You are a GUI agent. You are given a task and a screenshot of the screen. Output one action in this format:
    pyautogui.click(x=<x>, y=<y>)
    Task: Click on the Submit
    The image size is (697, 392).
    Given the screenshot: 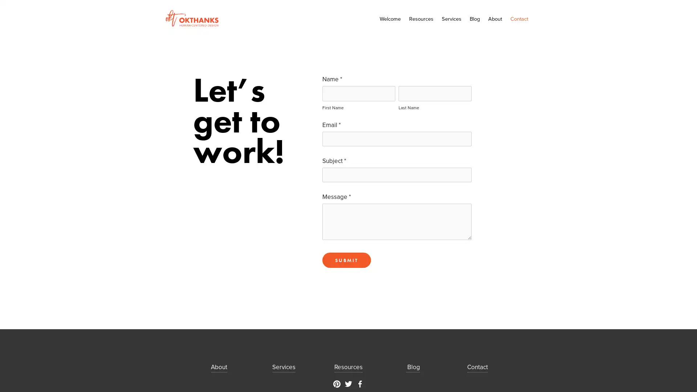 What is the action you would take?
    pyautogui.click(x=346, y=260)
    